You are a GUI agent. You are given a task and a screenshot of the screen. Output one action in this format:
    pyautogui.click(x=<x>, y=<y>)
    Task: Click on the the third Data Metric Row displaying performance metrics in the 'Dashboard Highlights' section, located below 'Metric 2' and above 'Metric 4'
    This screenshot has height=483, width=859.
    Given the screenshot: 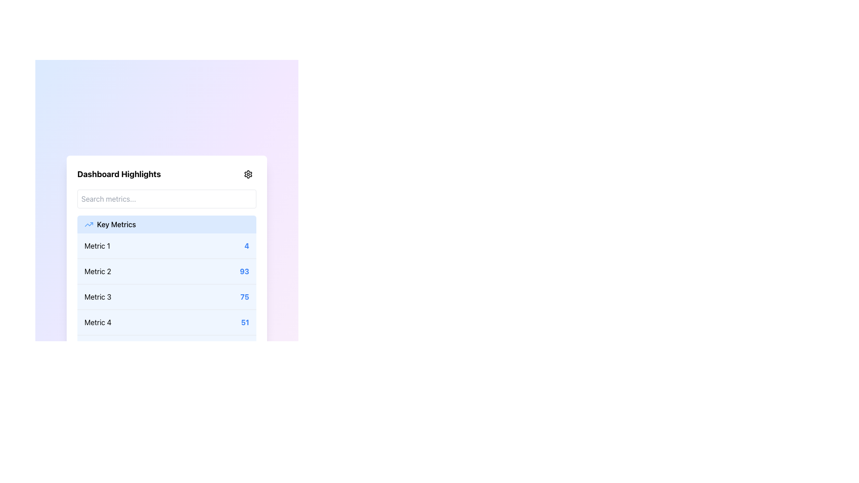 What is the action you would take?
    pyautogui.click(x=167, y=297)
    